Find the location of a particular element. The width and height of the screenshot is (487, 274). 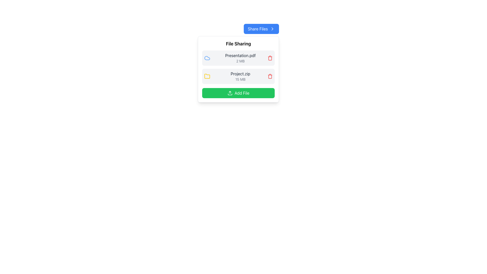

the Text Display element that shows the file name 'Project.zip' and its size '15 MB', which is the second item in a vertical list of files is located at coordinates (240, 76).